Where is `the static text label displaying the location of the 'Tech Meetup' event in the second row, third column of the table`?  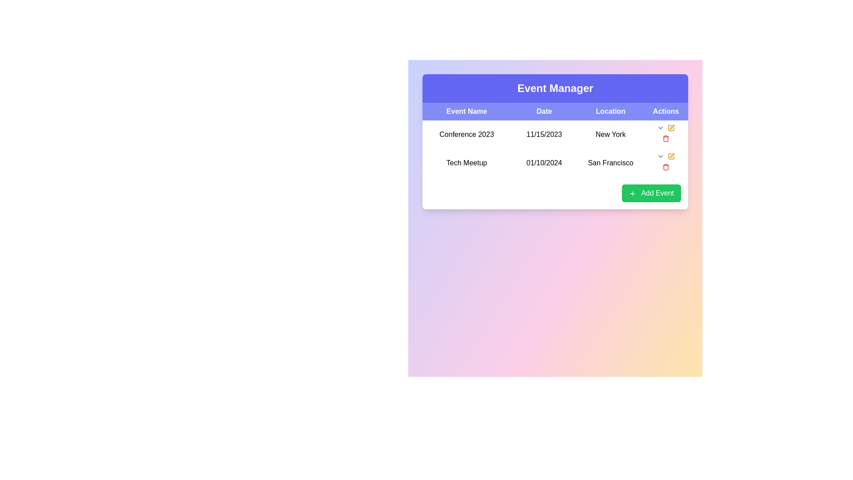 the static text label displaying the location of the 'Tech Meetup' event in the second row, third column of the table is located at coordinates (610, 163).